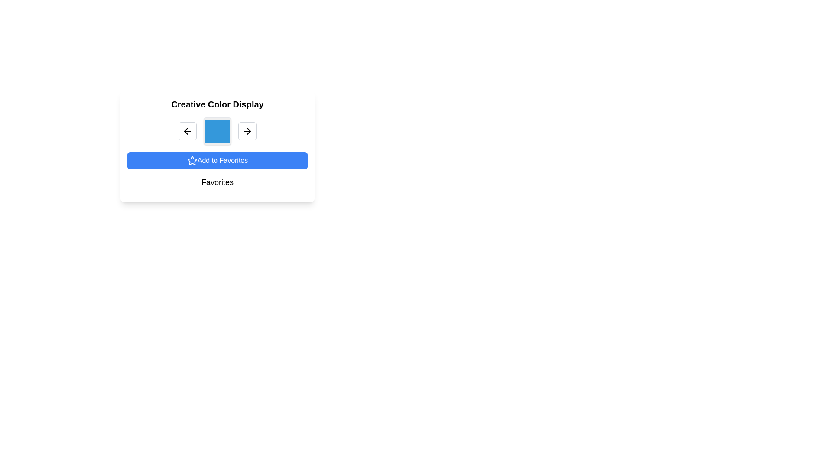 The height and width of the screenshot is (468, 832). Describe the element at coordinates (187, 131) in the screenshot. I see `the left arrow button outlined in an SVG style to observe its hover effects as part of the navigation interface` at that location.